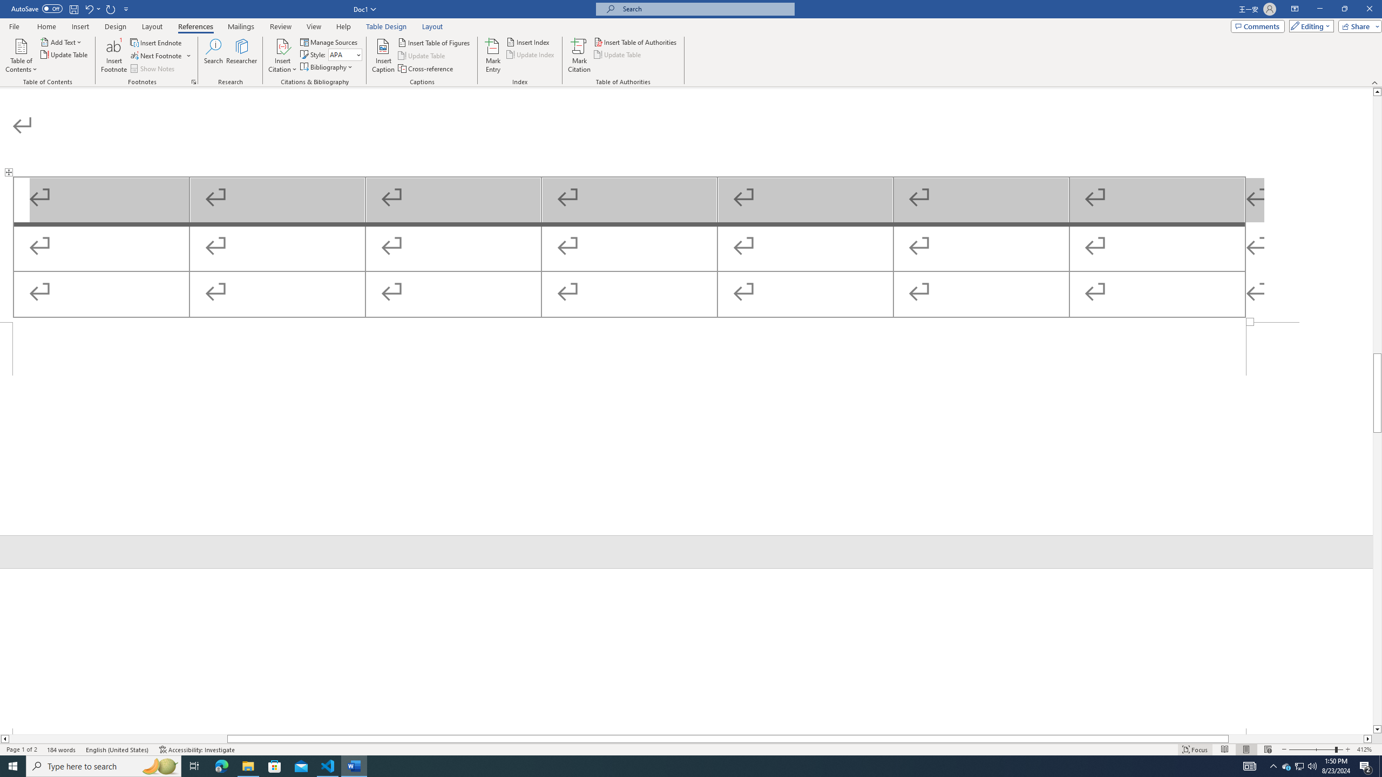 This screenshot has width=1382, height=777. What do you see at coordinates (329, 42) in the screenshot?
I see `'Manage Sources...'` at bounding box center [329, 42].